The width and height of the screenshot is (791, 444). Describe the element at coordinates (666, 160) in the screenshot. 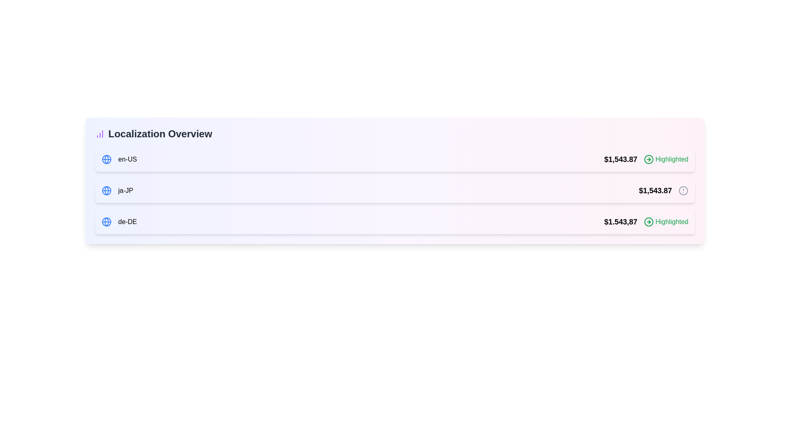

I see `the 'Highlighted' label, which consists of a green icon and styled text` at that location.